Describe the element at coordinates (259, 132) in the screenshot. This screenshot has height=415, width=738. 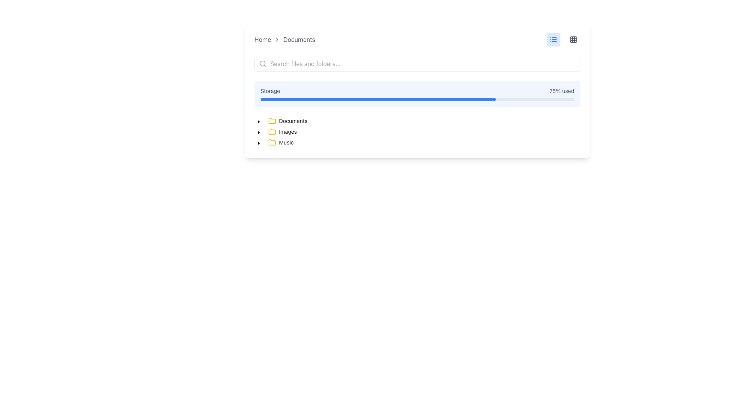
I see `the toggle icon located to the left of the 'Images' folder list item` at that location.